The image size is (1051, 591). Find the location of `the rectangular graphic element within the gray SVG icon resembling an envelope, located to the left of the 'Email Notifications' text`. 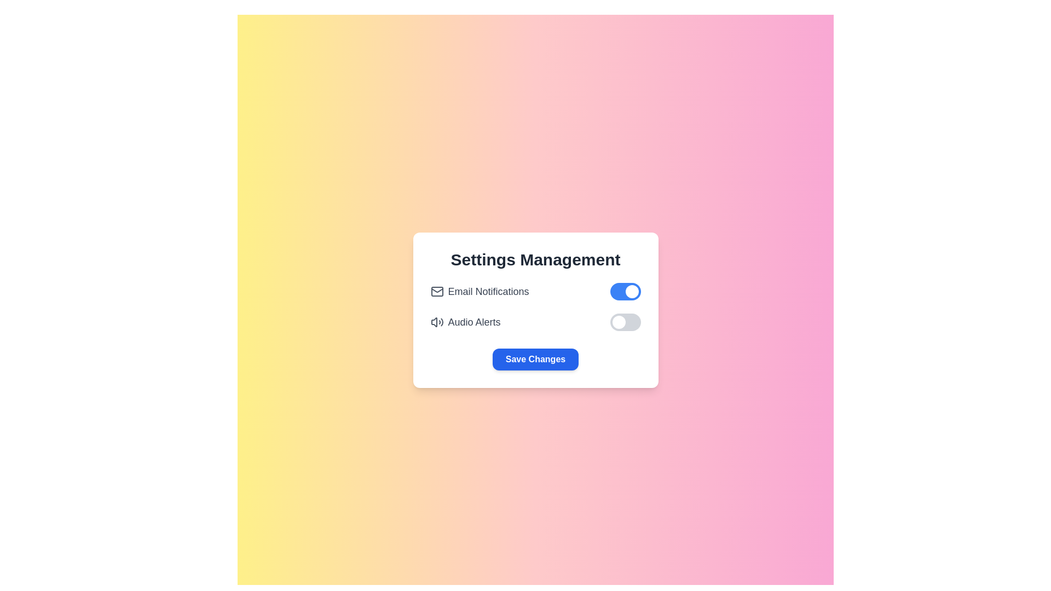

the rectangular graphic element within the gray SVG icon resembling an envelope, located to the left of the 'Email Notifications' text is located at coordinates (436, 291).